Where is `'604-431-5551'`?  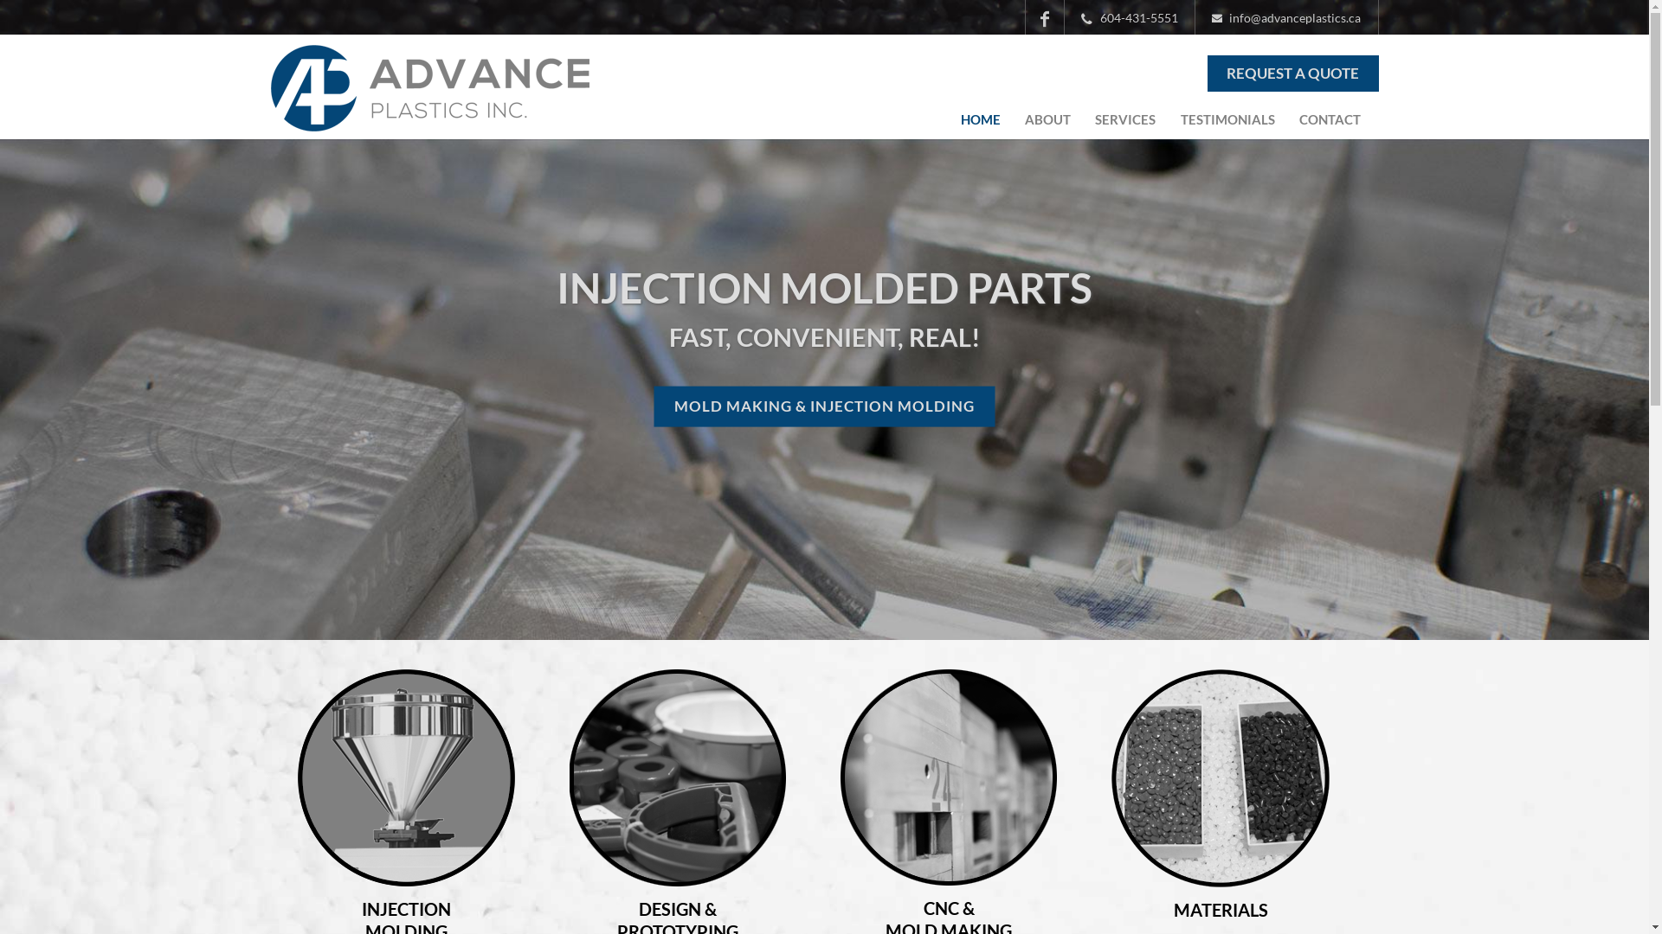
'604-431-5551' is located at coordinates (1063, 16).